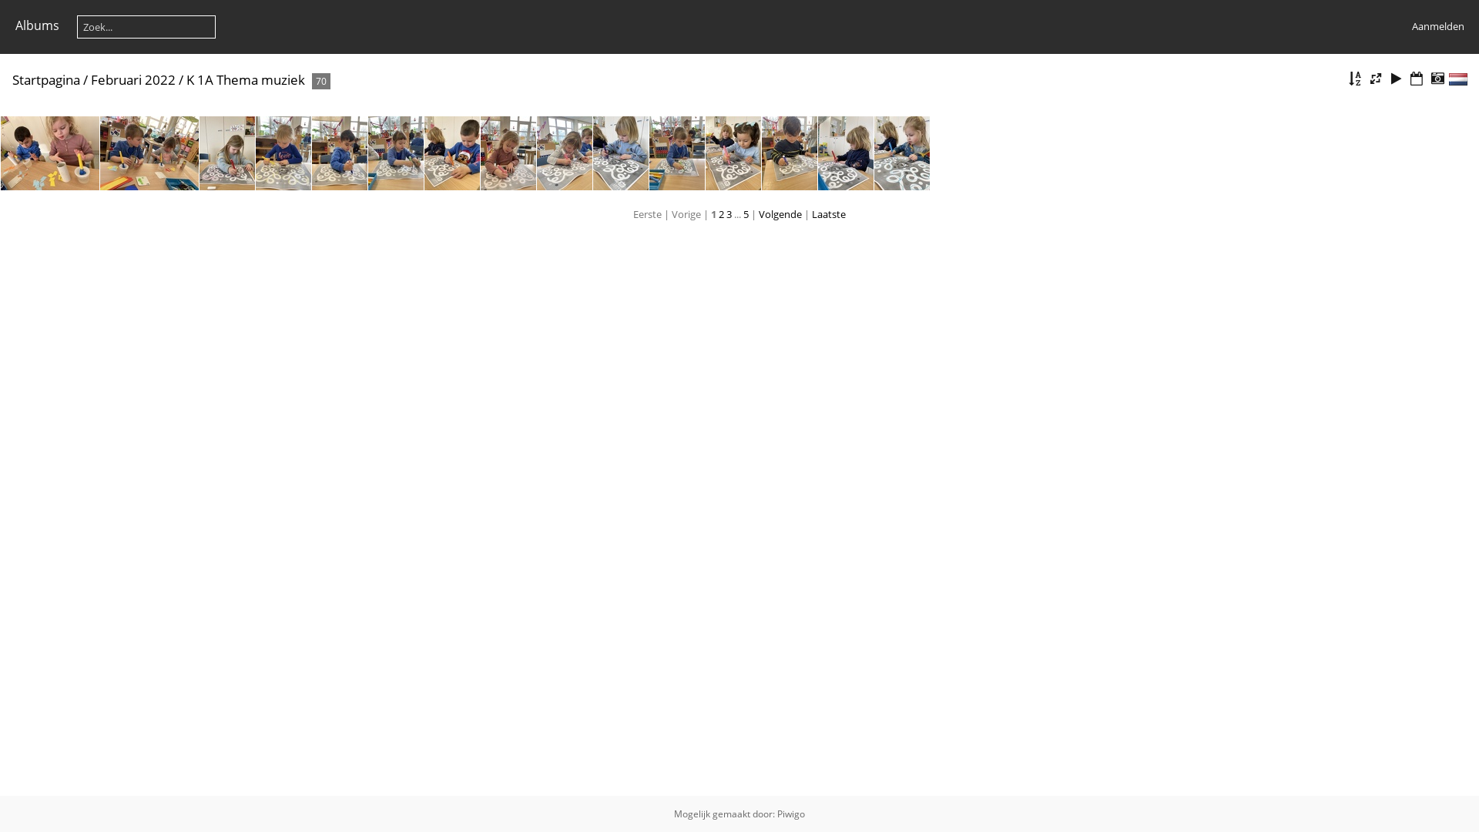  I want to click on 'Volgende', so click(758, 213).